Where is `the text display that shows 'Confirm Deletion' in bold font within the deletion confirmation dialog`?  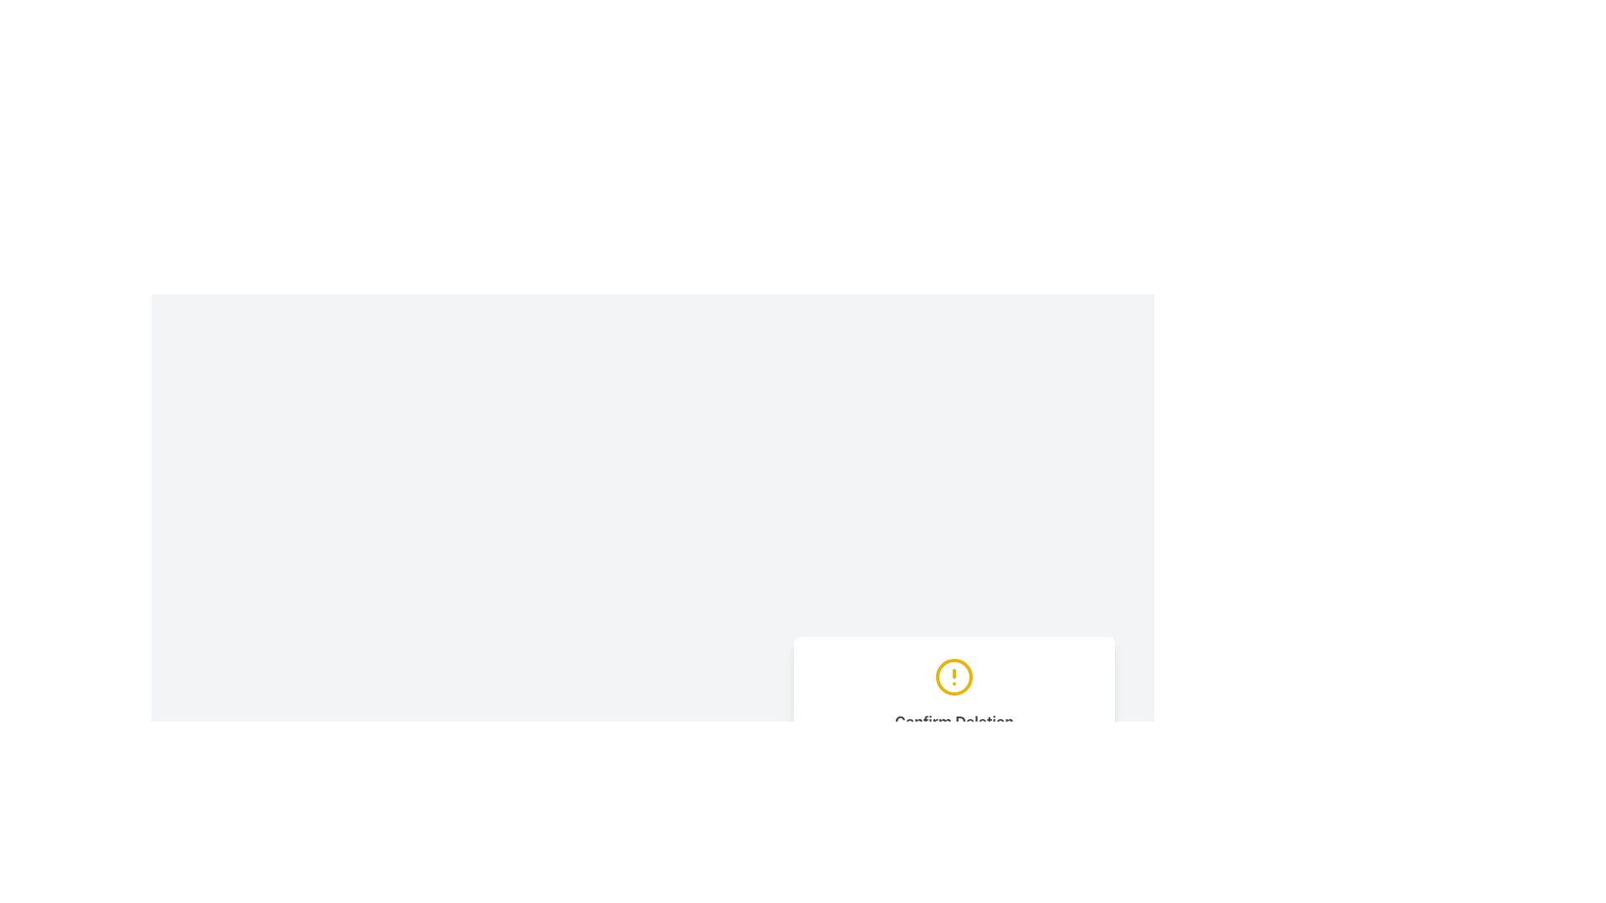
the text display that shows 'Confirm Deletion' in bold font within the deletion confirmation dialog is located at coordinates (954, 722).